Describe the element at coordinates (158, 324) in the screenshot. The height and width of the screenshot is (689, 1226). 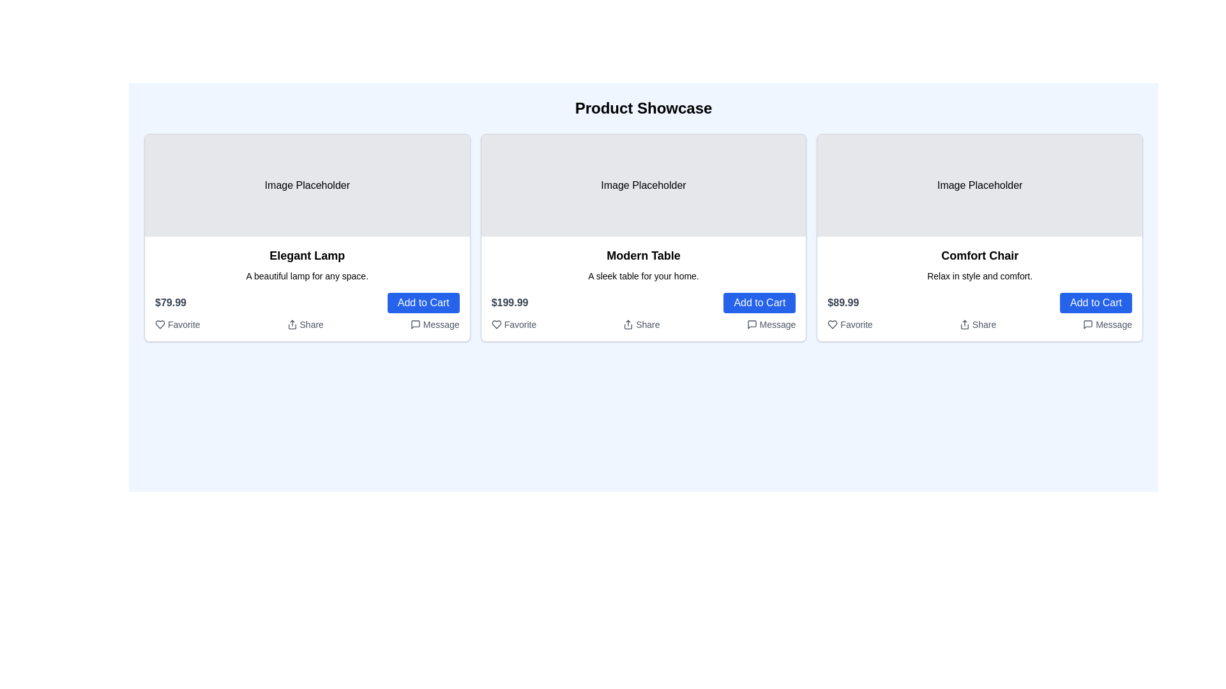
I see `the heart-shaped outline icon located below the description text for the 'Elegant Lamp' item in the leftmost card to favorite the item` at that location.